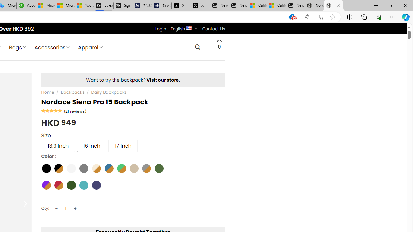 The image size is (413, 232). Describe the element at coordinates (160, 28) in the screenshot. I see `'Login'` at that location.